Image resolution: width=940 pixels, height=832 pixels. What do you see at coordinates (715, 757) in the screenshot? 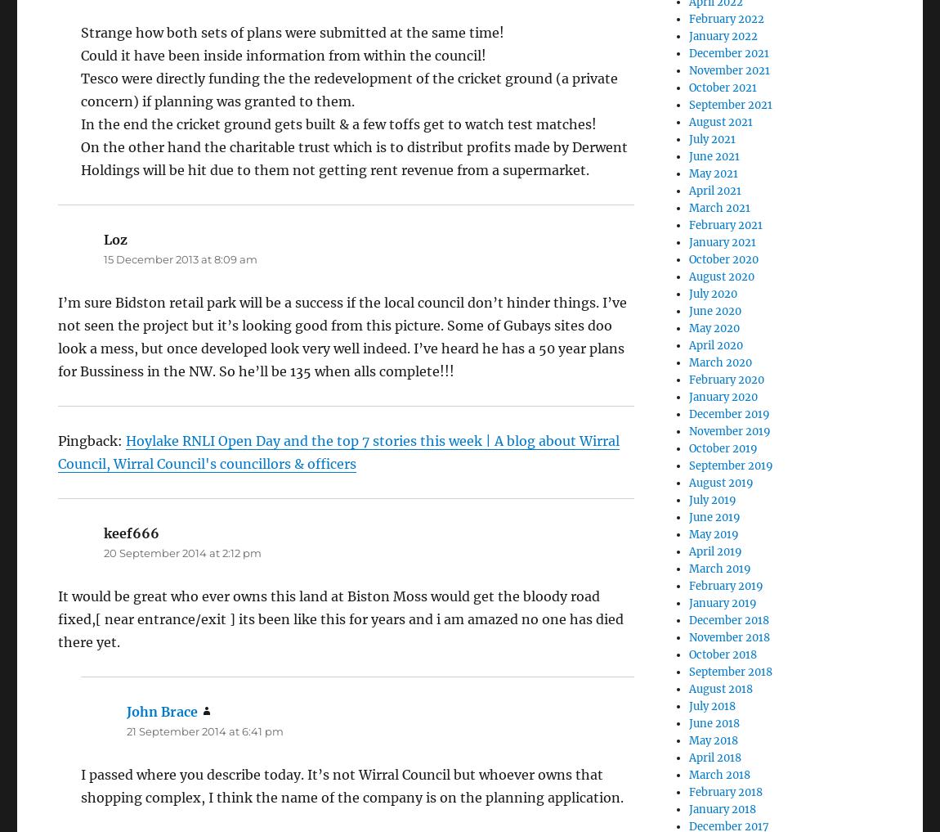
I see `'April 2018'` at bounding box center [715, 757].